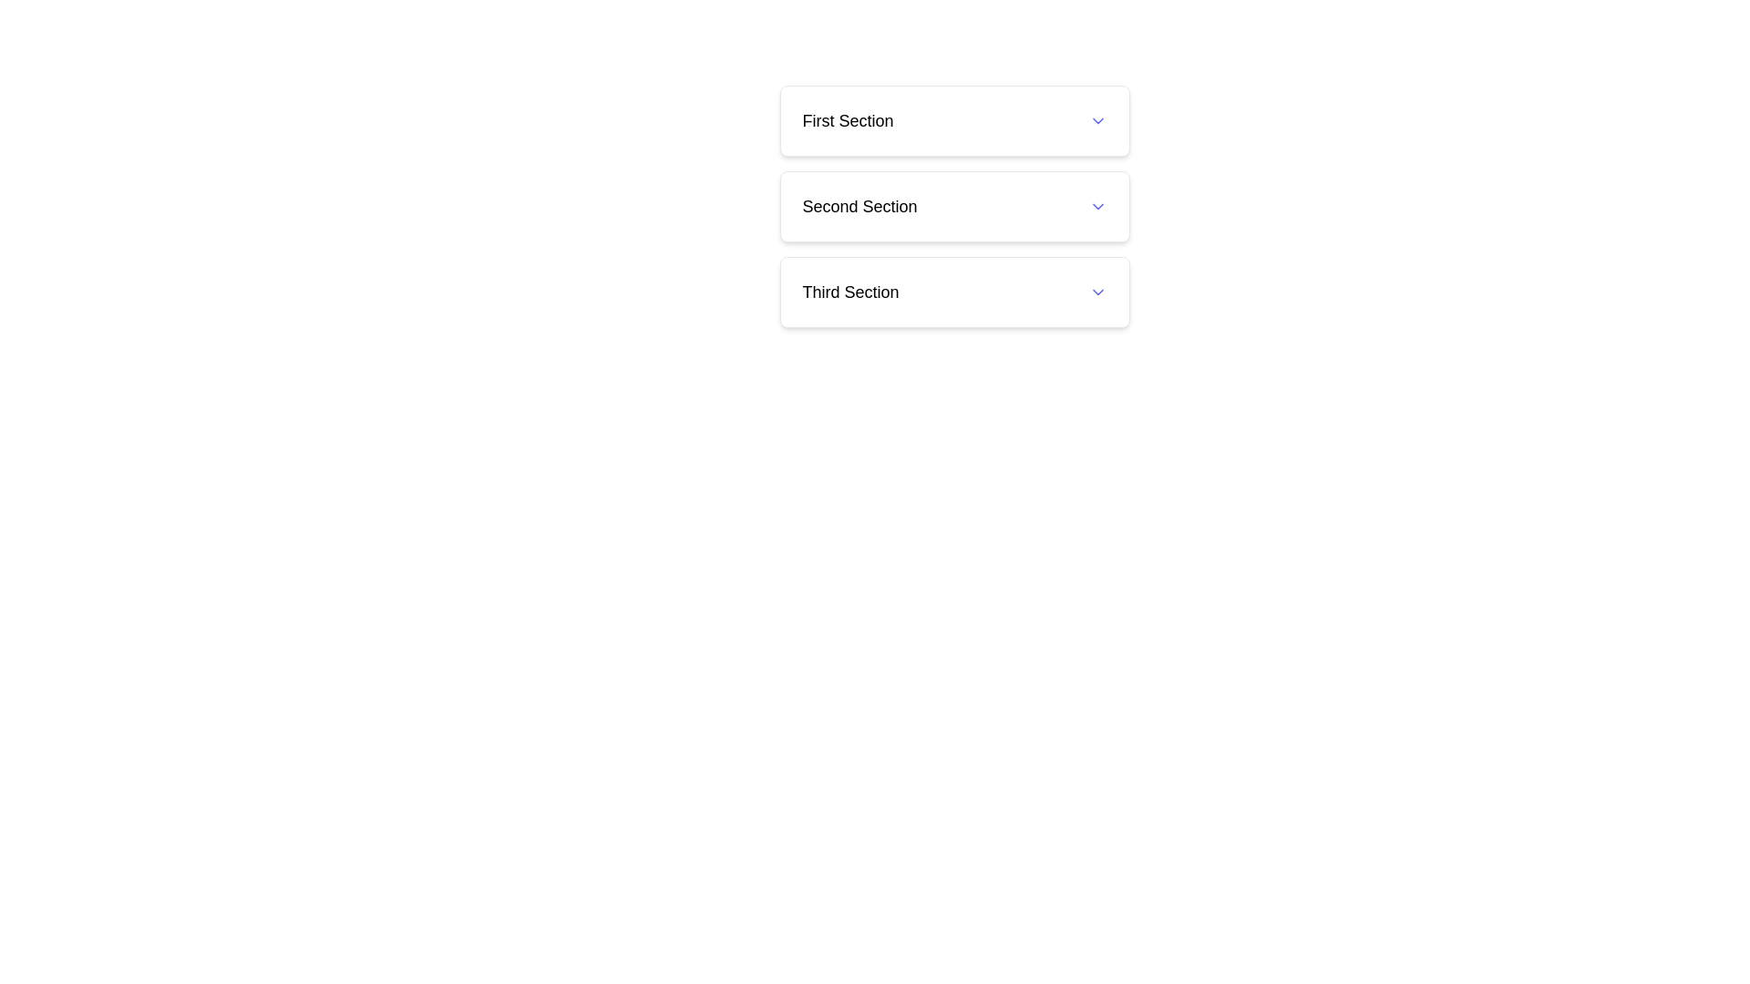 Image resolution: width=1750 pixels, height=984 pixels. What do you see at coordinates (1096, 206) in the screenshot?
I see `the indigo downward-pointing chevron icon located to the right of the text 'Second Section'` at bounding box center [1096, 206].